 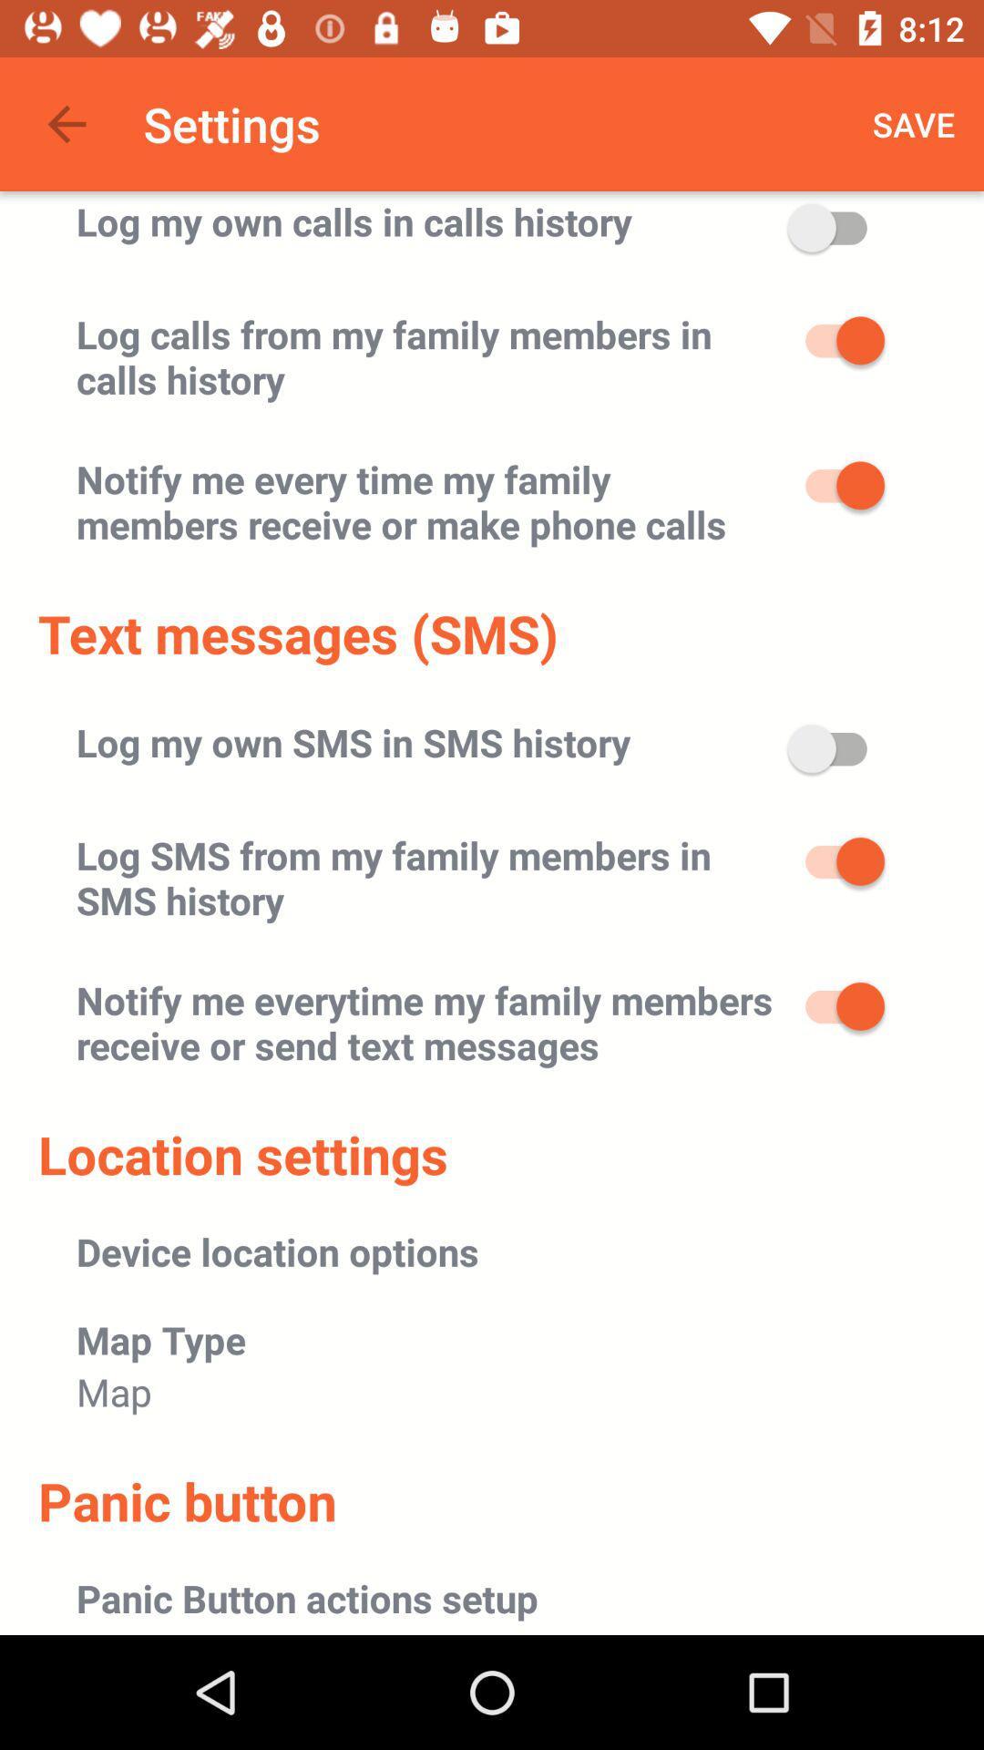 What do you see at coordinates (277, 1251) in the screenshot?
I see `device location options icon` at bounding box center [277, 1251].